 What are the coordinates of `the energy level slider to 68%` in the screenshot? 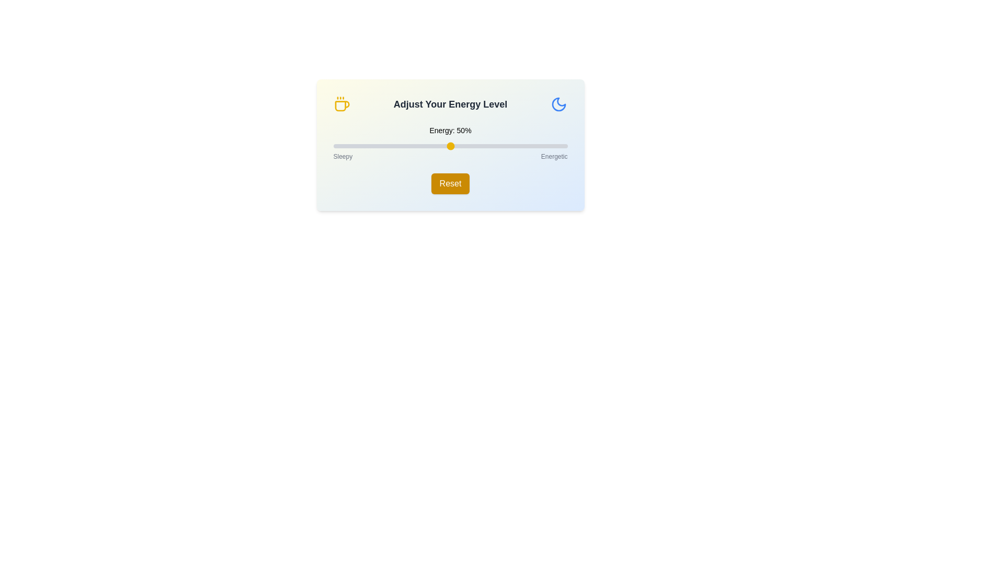 It's located at (492, 146).